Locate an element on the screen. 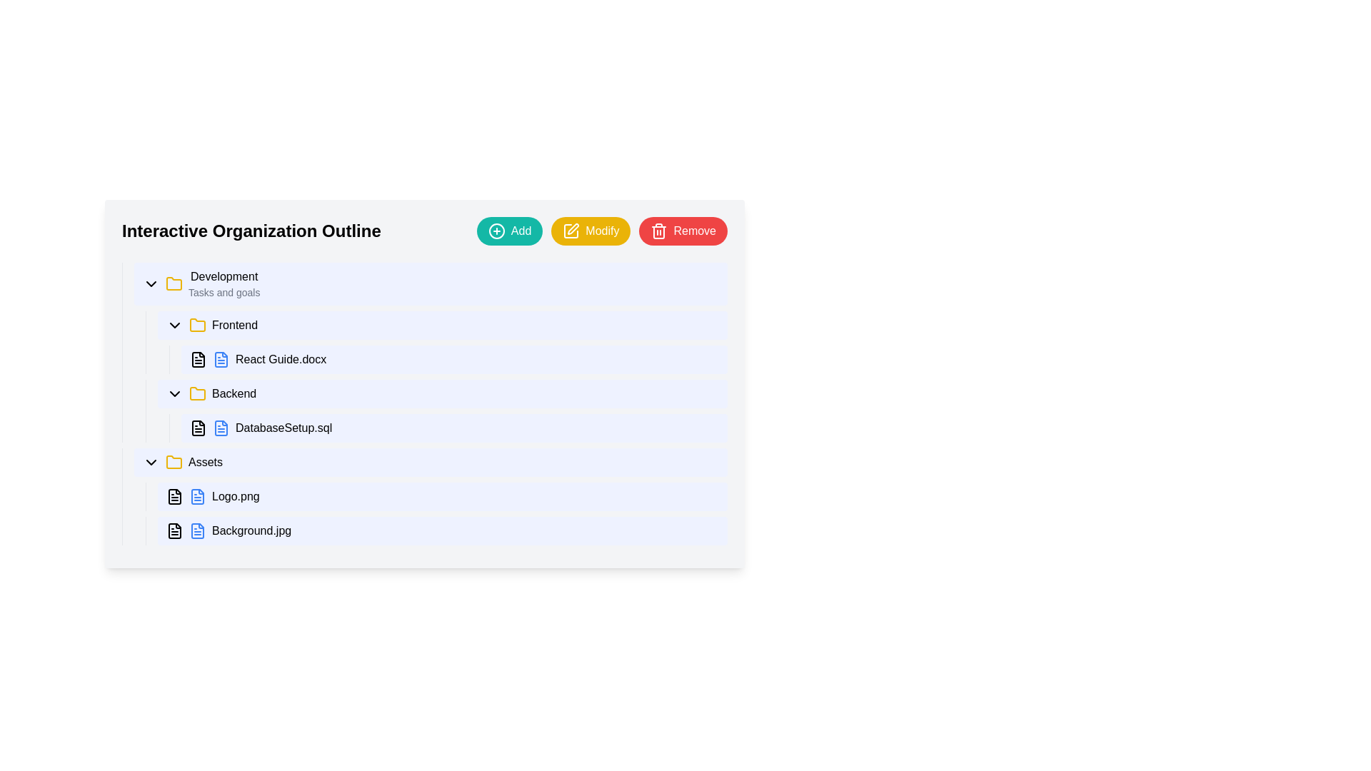 Image resolution: width=1371 pixels, height=771 pixels. the document icon resembling a file with a folded corner that is located under 'Frontend' preceding 'React Guide.docx' is located at coordinates (198, 359).